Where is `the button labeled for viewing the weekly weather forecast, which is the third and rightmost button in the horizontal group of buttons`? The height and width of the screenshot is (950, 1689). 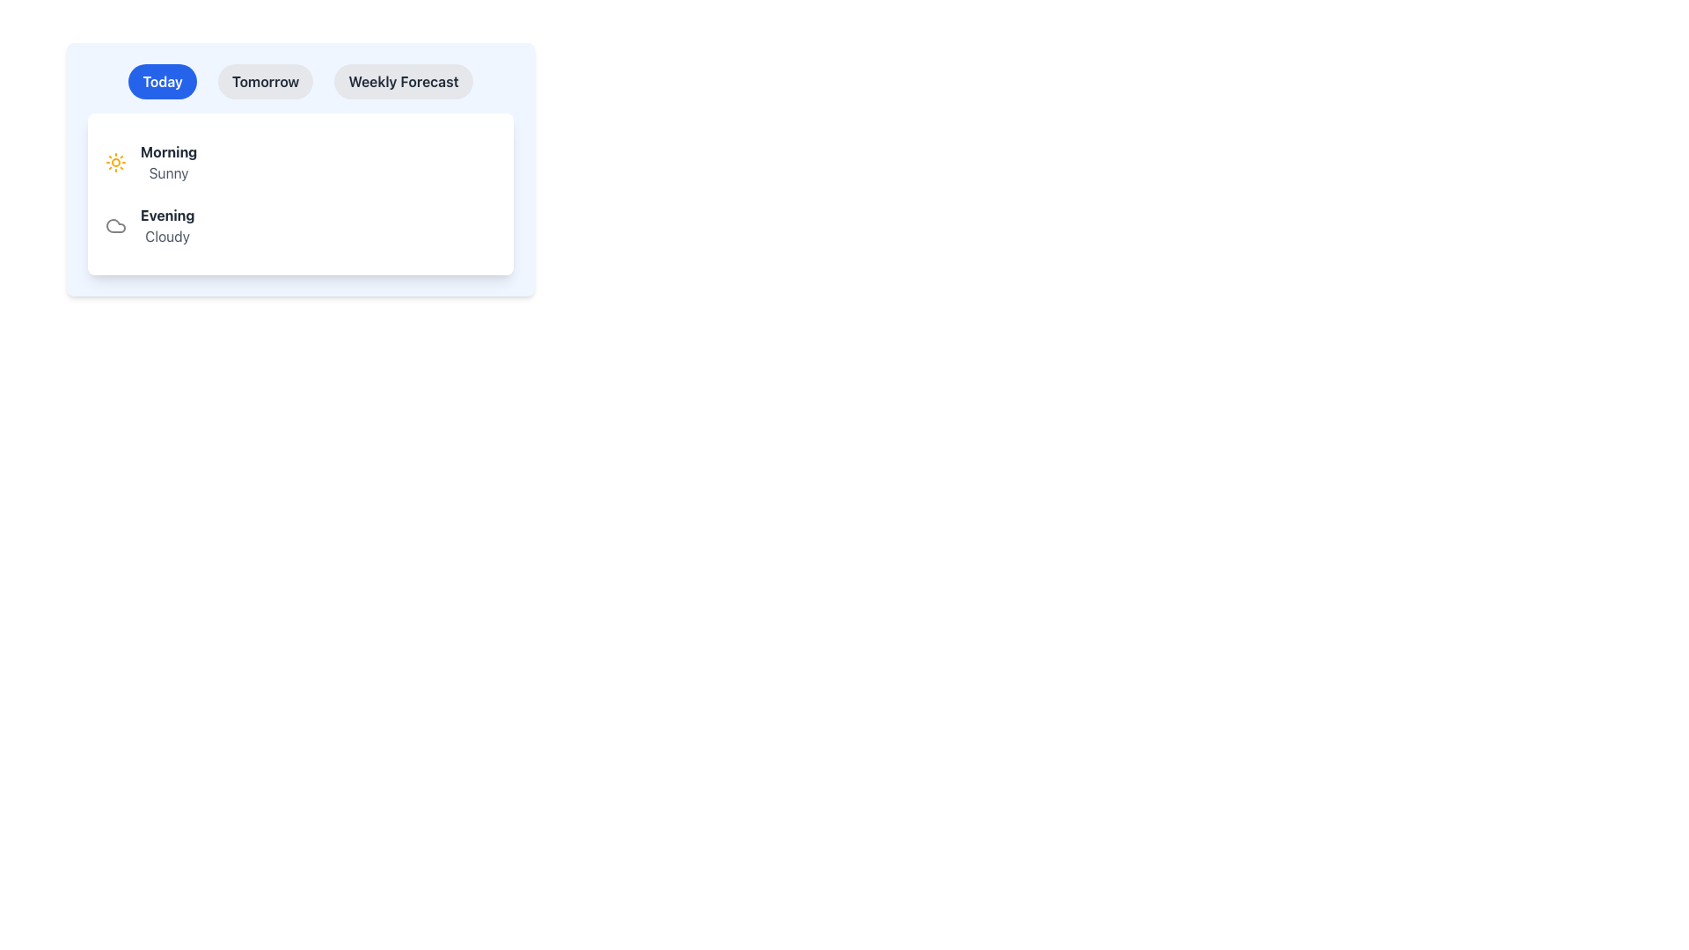
the button labeled for viewing the weekly weather forecast, which is the third and rightmost button in the horizontal group of buttons is located at coordinates (402, 81).